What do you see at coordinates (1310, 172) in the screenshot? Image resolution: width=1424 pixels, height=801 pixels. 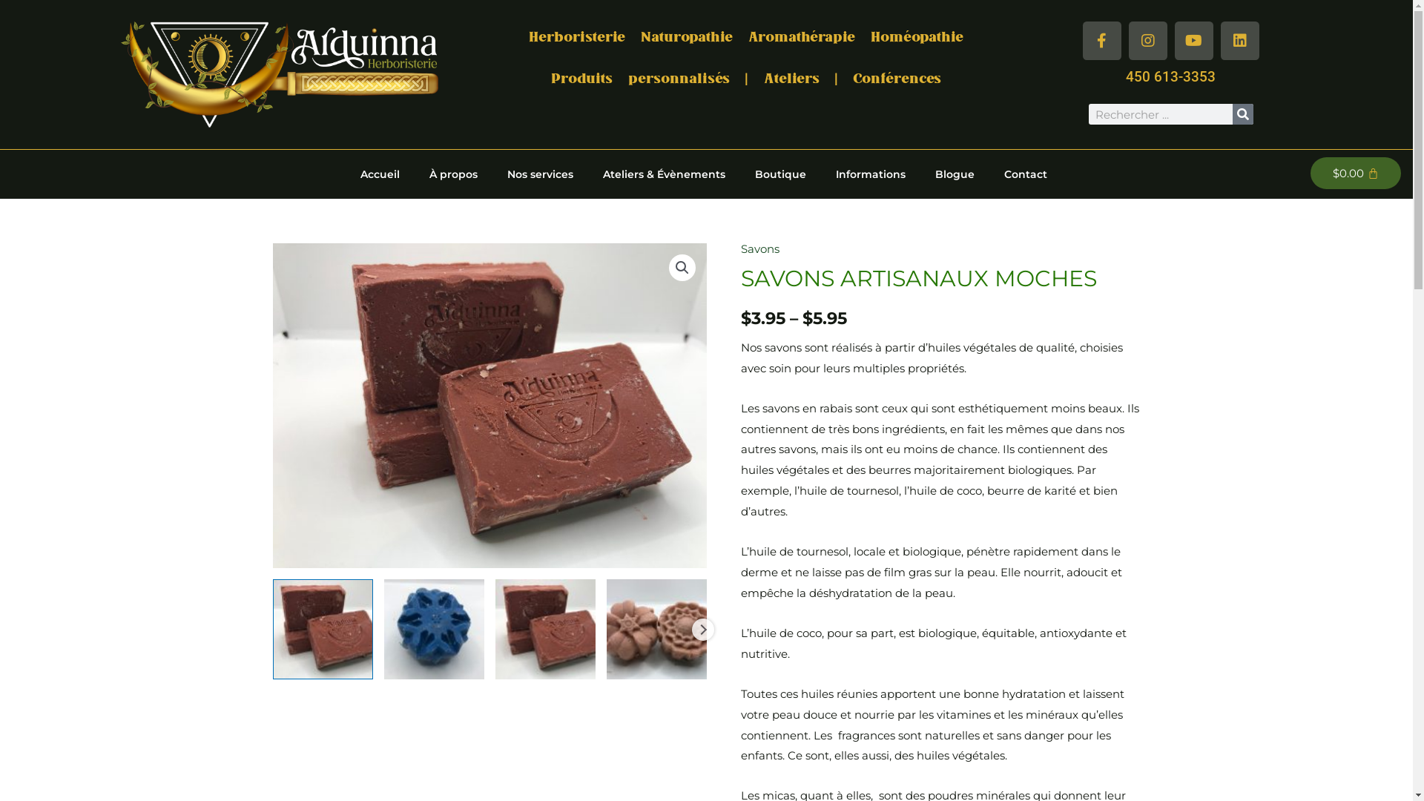 I see `'$0.00'` at bounding box center [1310, 172].